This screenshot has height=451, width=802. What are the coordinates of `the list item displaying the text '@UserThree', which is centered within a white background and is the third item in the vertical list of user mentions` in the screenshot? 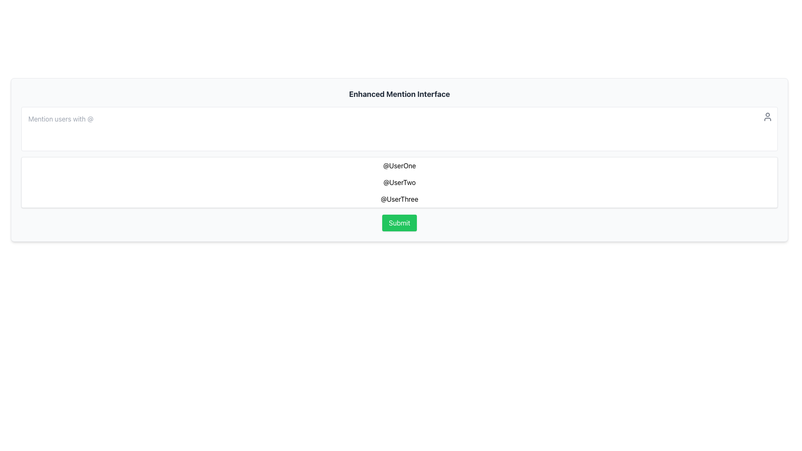 It's located at (399, 199).